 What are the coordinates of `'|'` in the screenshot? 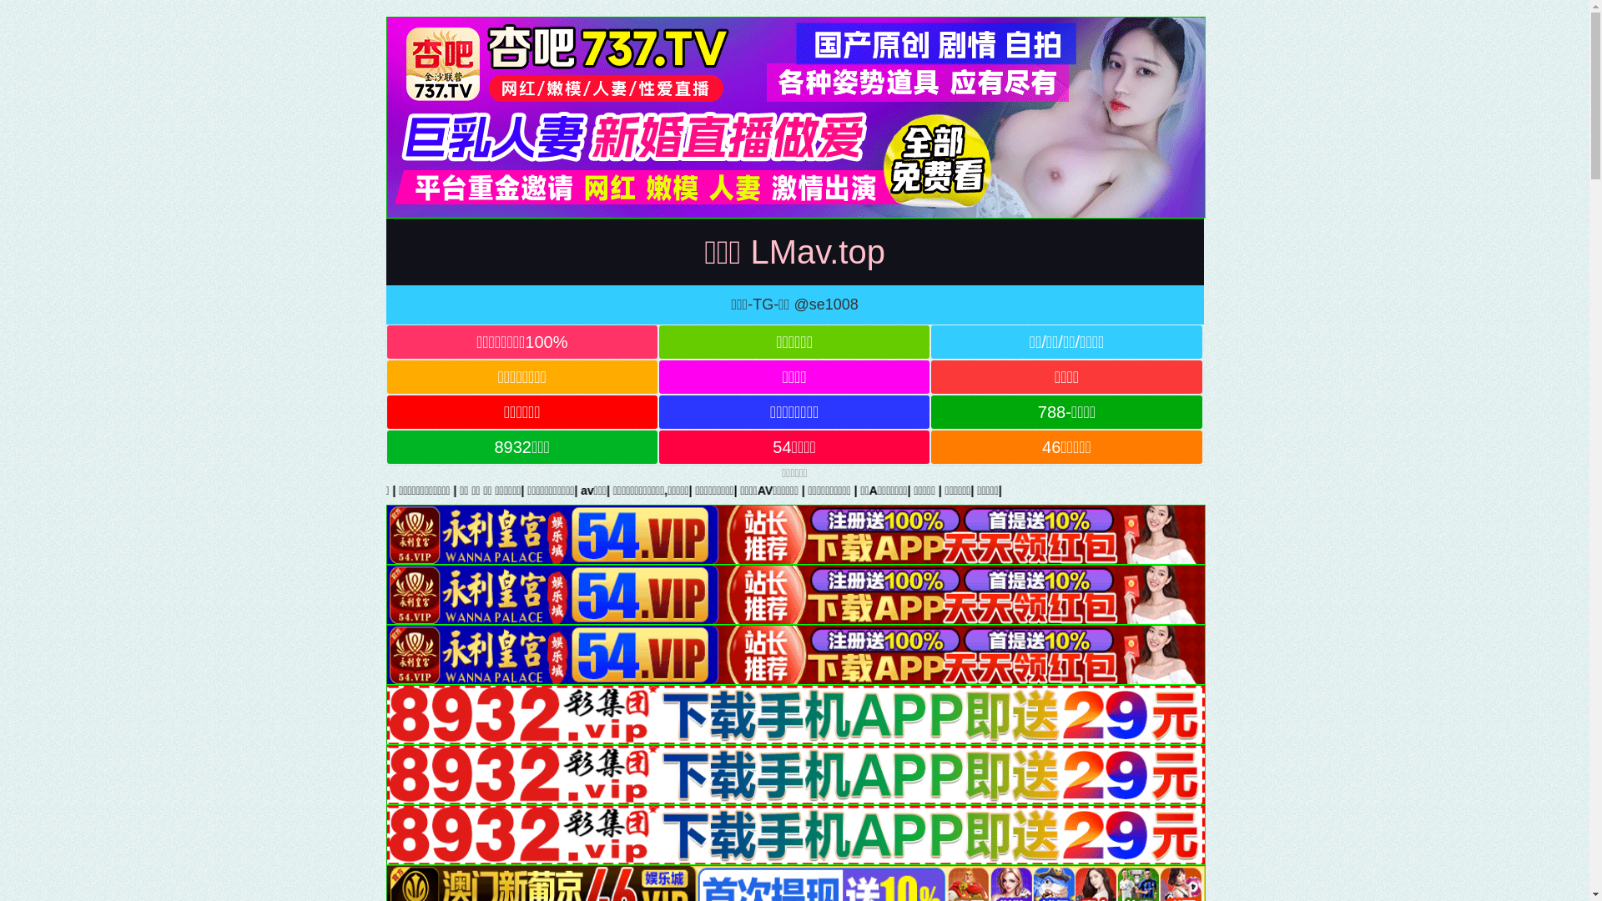 It's located at (390, 489).